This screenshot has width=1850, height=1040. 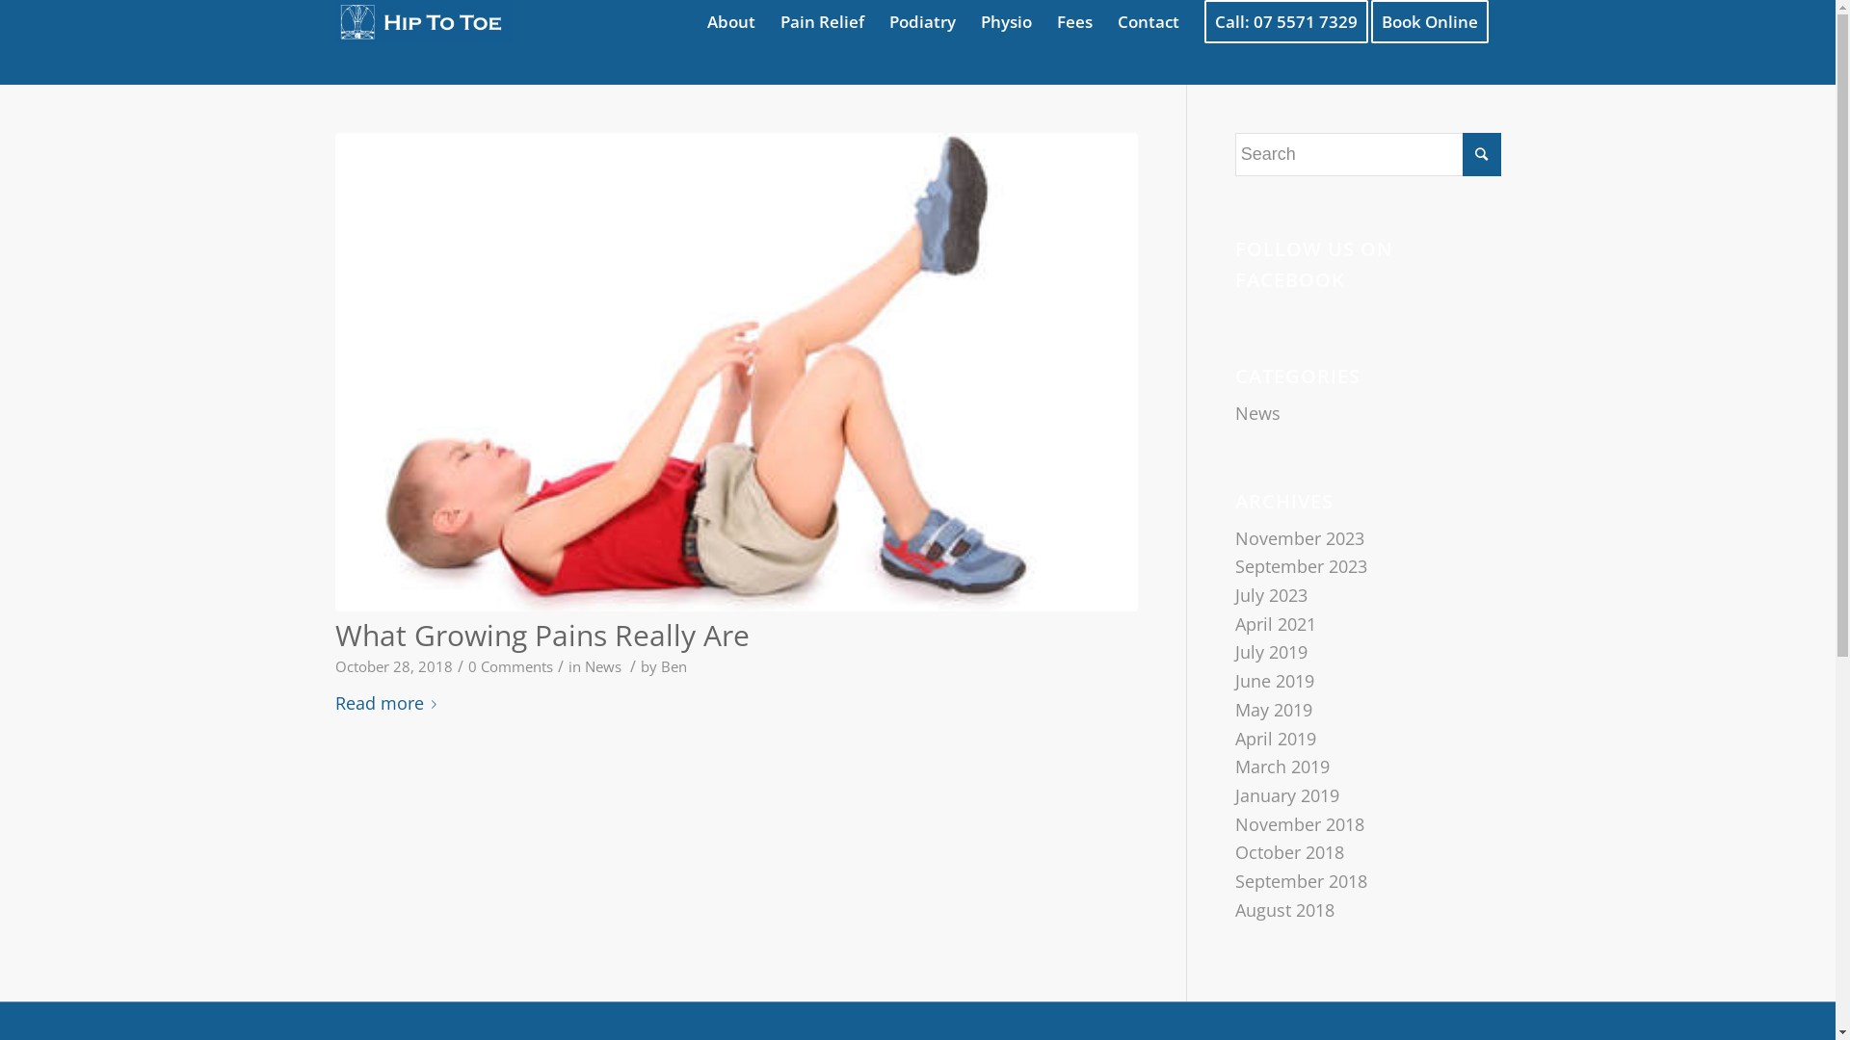 What do you see at coordinates (1275, 679) in the screenshot?
I see `'June 2019'` at bounding box center [1275, 679].